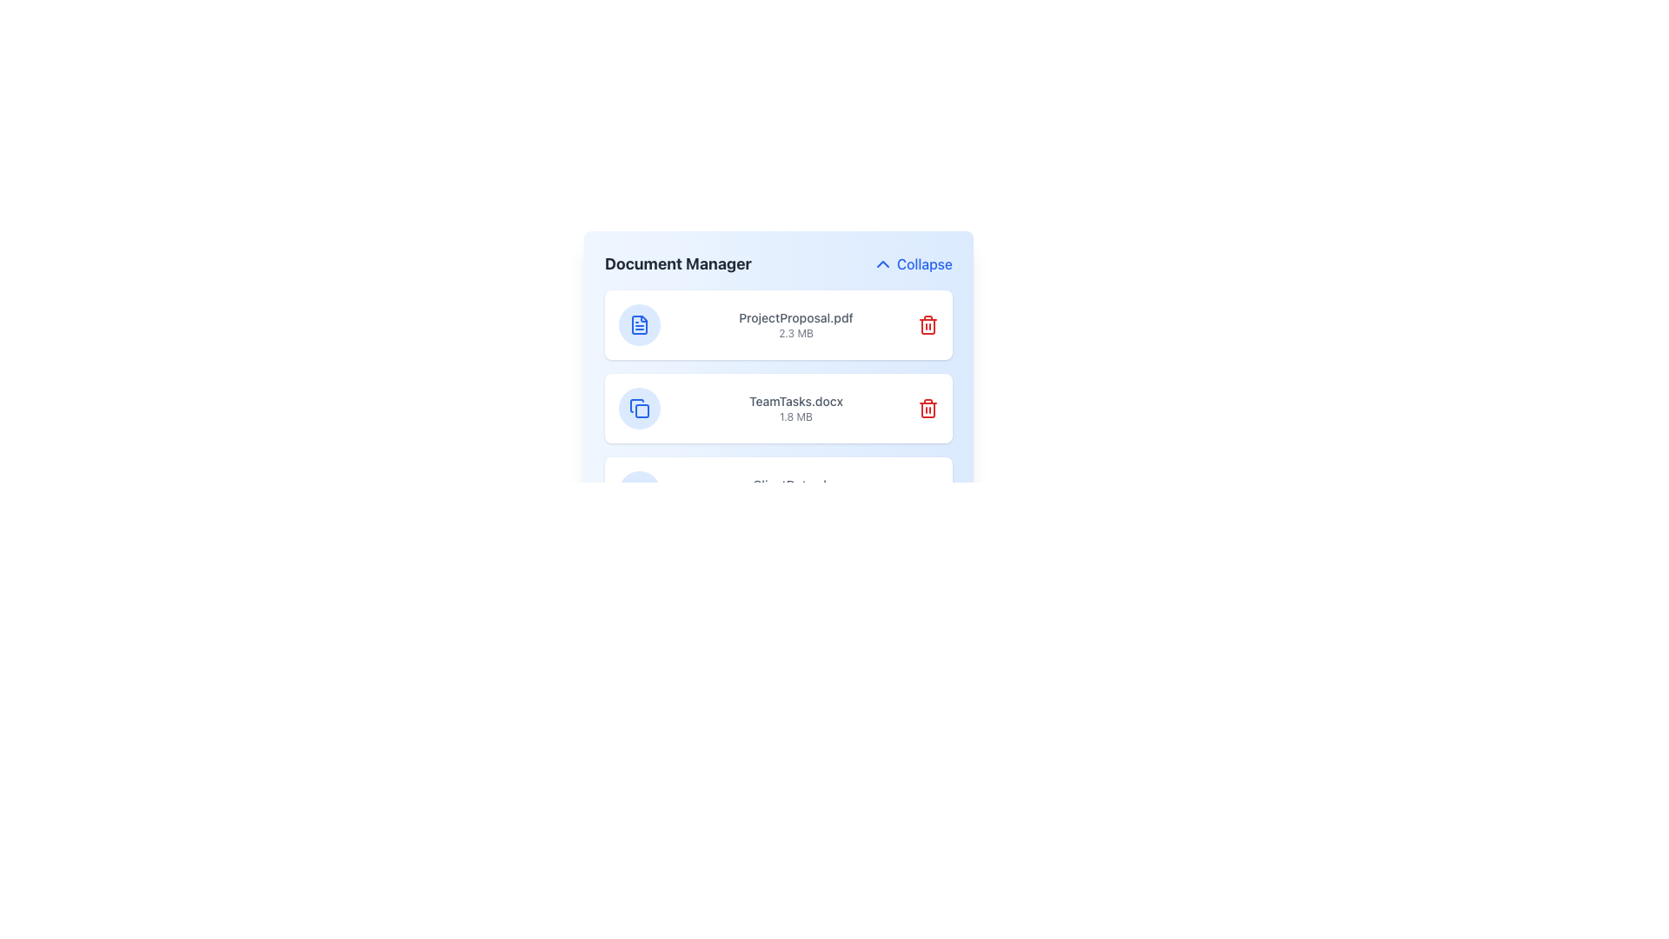 This screenshot has width=1669, height=939. Describe the element at coordinates (638, 325) in the screenshot. I see `the document file icon located to the left of the 'ProjectProposal.pdf' label in the 'Document Manager' panel` at that location.